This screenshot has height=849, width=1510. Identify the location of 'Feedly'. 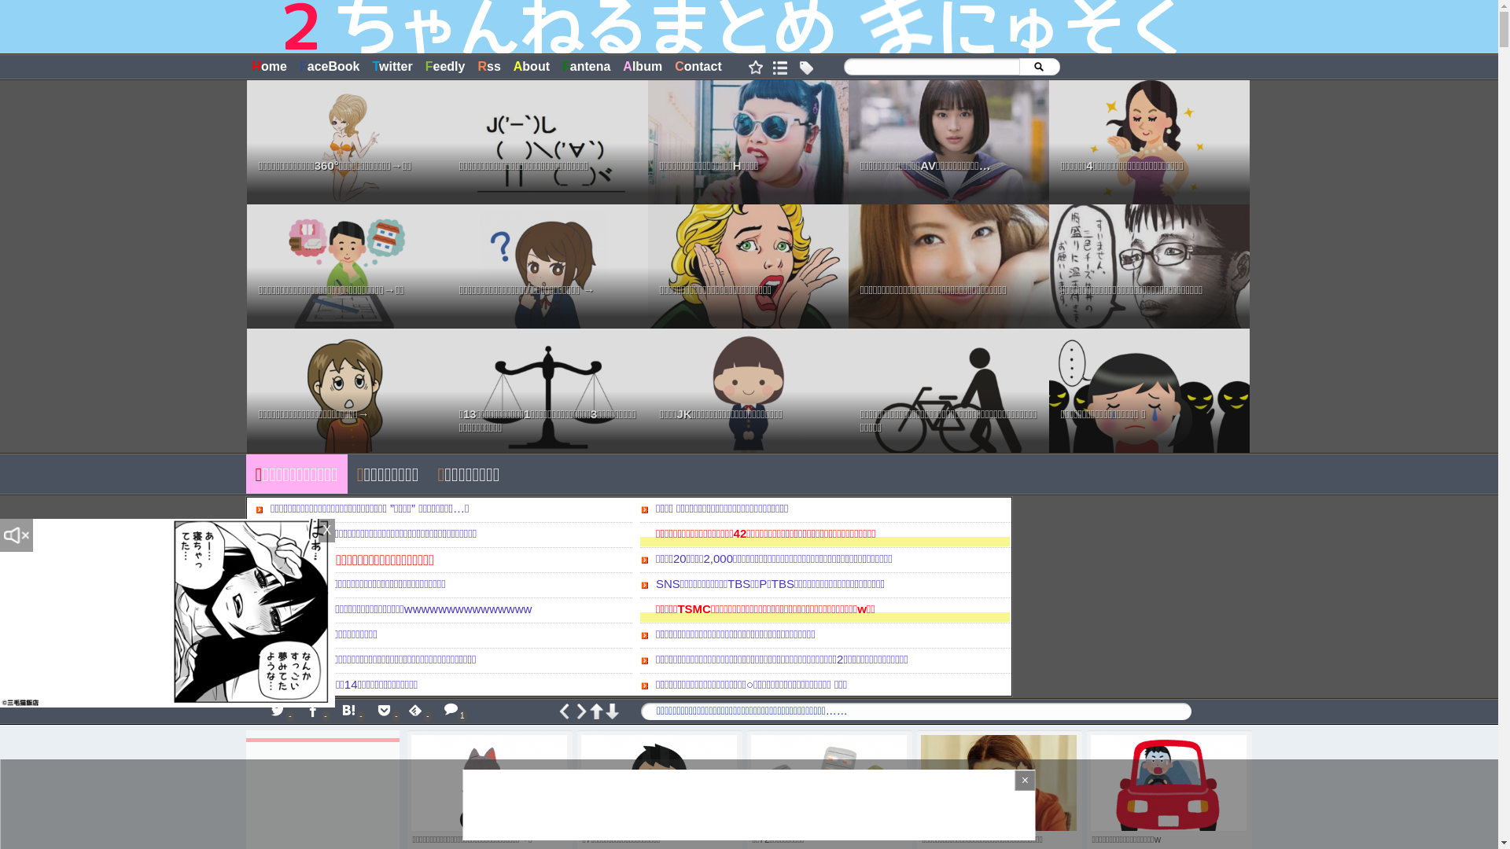
(444, 65).